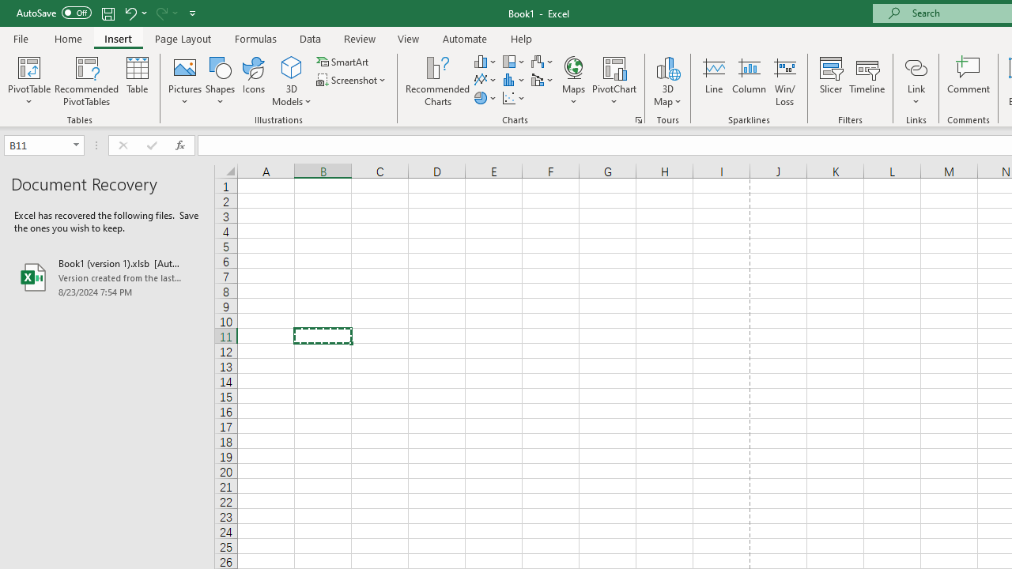  What do you see at coordinates (515, 61) in the screenshot?
I see `'Insert Hierarchy Chart'` at bounding box center [515, 61].